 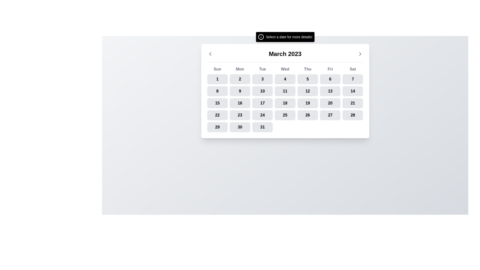 I want to click on the button representing the 8th day of March 2023, located in the fourth column of the second row under the 'Sun' column, so click(x=217, y=91).